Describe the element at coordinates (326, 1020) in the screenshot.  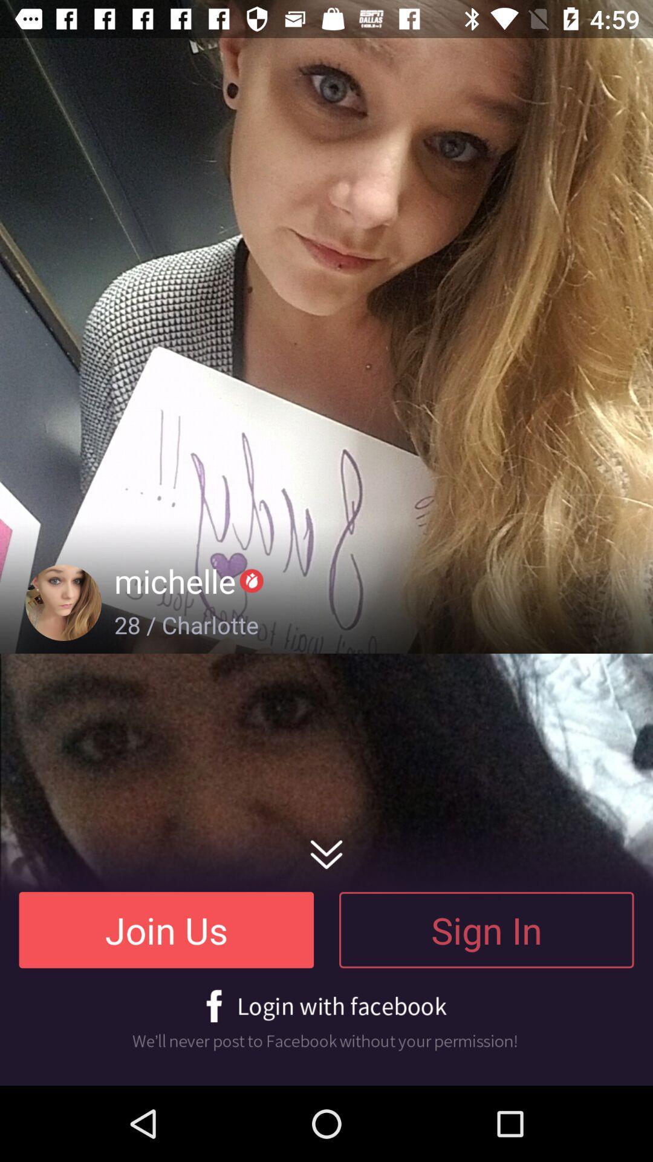
I see `sign in with facebook` at that location.